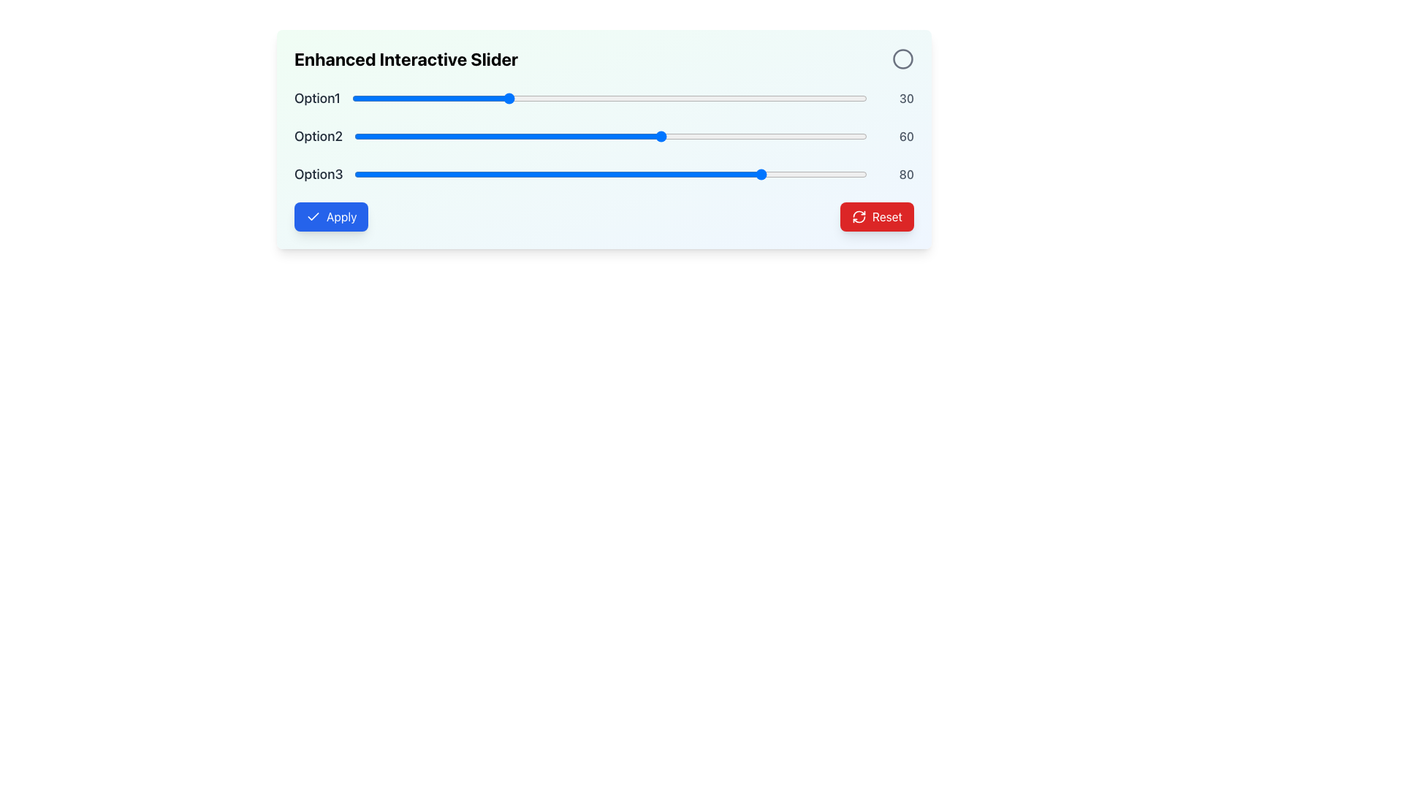 The height and width of the screenshot is (789, 1403). What do you see at coordinates (902, 58) in the screenshot?
I see `the circular SVG graphic with a thin gray outline and a white center located at the top-right corner of the interactive UI, next to the 'Reset' button` at bounding box center [902, 58].